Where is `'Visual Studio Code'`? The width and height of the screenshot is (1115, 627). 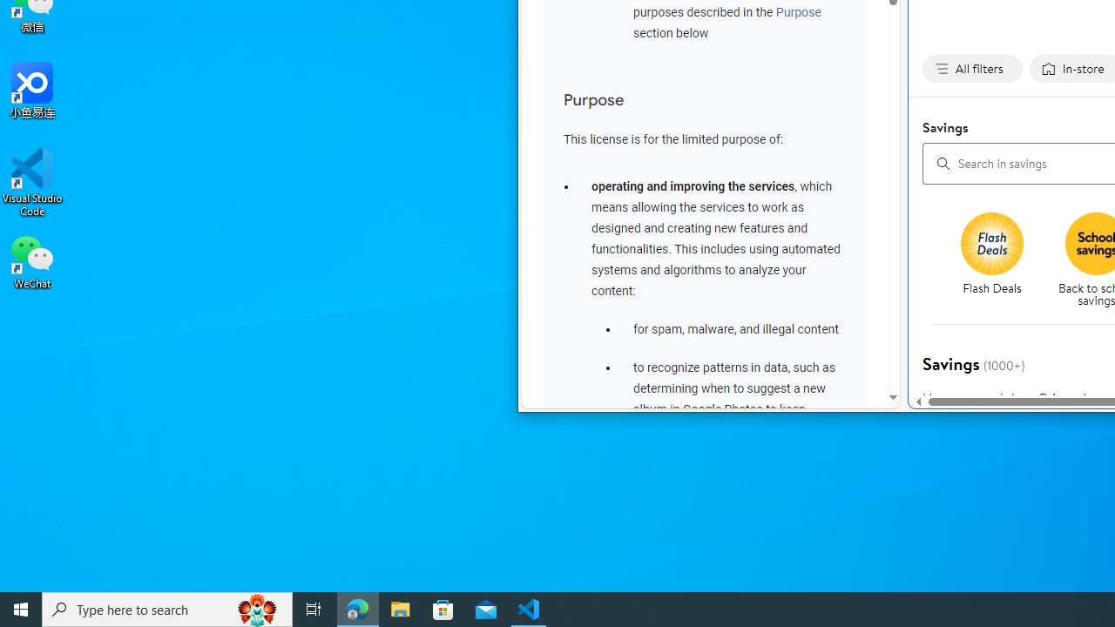
'Visual Studio Code' is located at coordinates (32, 182).